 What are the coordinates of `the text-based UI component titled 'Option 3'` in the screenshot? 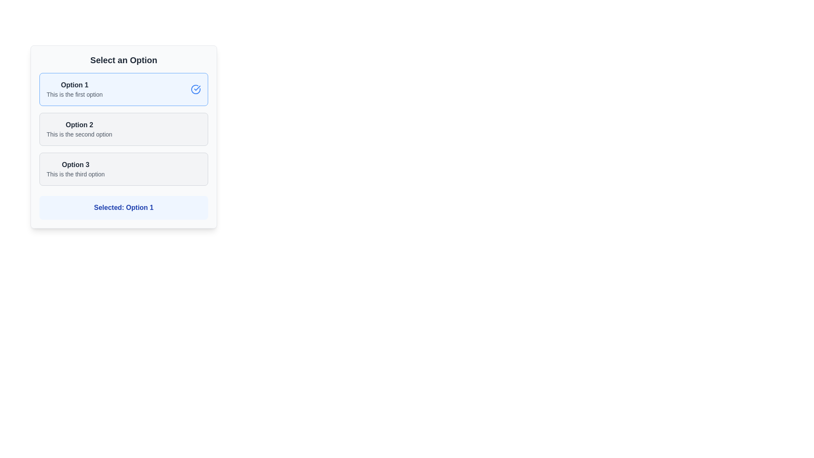 It's located at (75, 169).